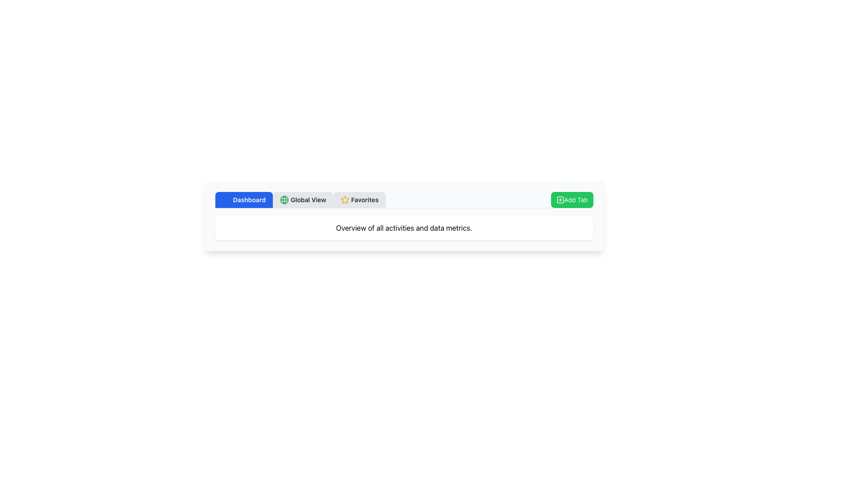  What do you see at coordinates (576, 199) in the screenshot?
I see `the 'Add Tab' text label within the green button located at the top right of the interface` at bounding box center [576, 199].